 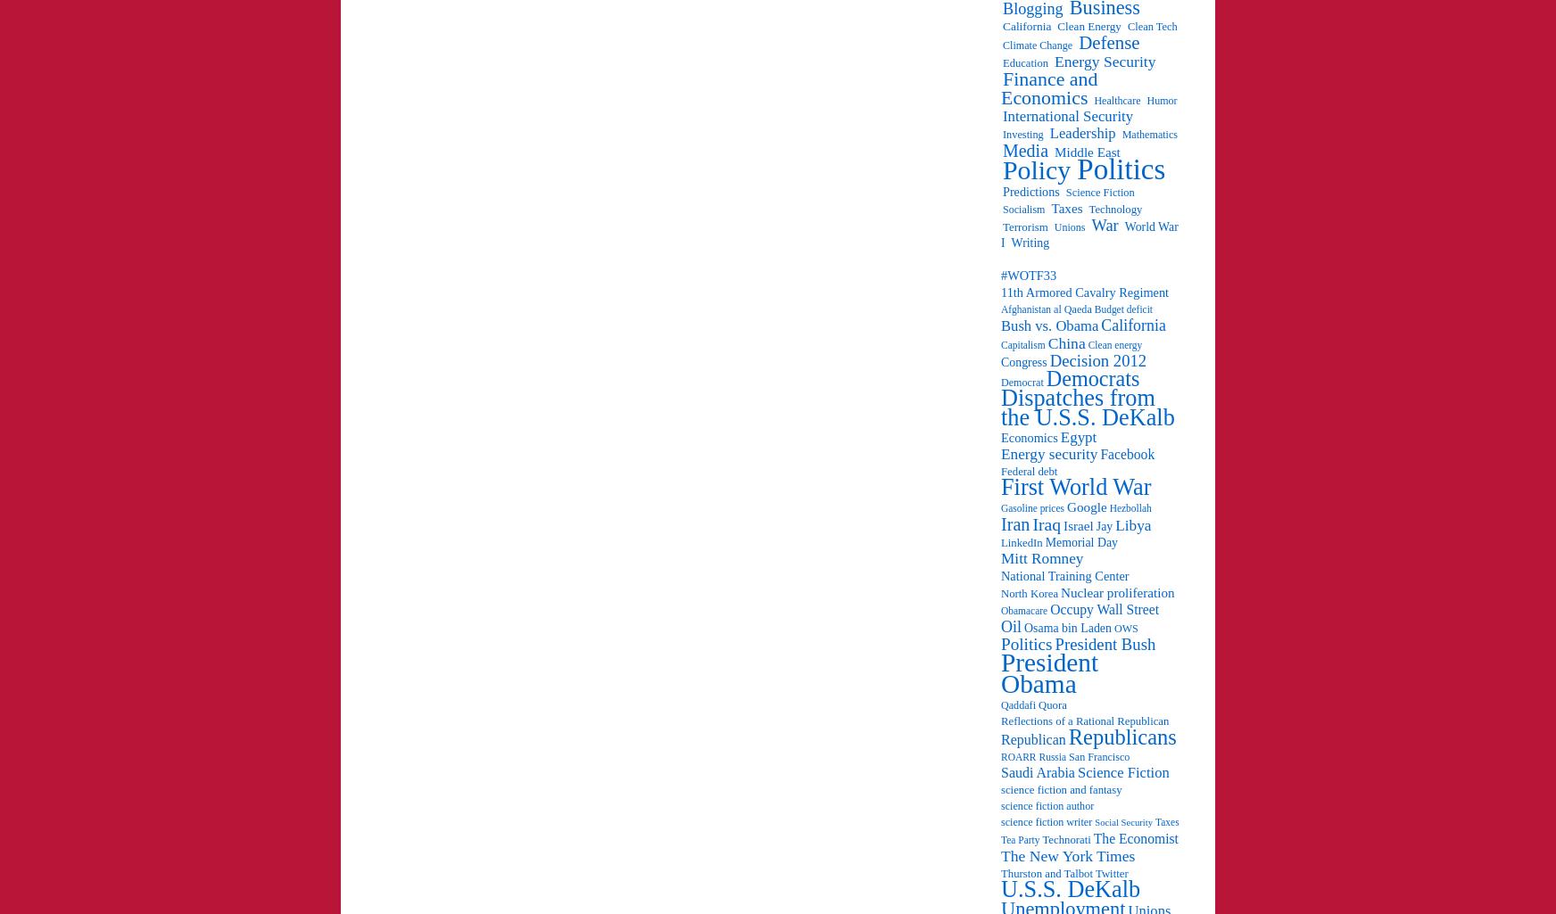 I want to click on 'Healthcare', so click(x=1117, y=100).